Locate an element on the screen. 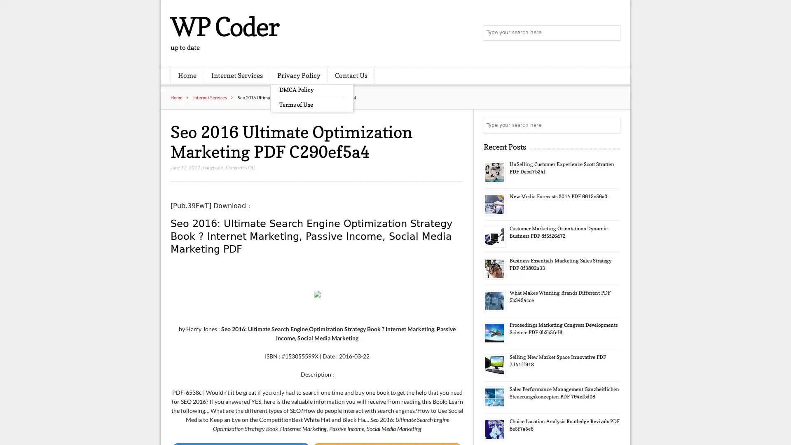  Search is located at coordinates (612, 125).